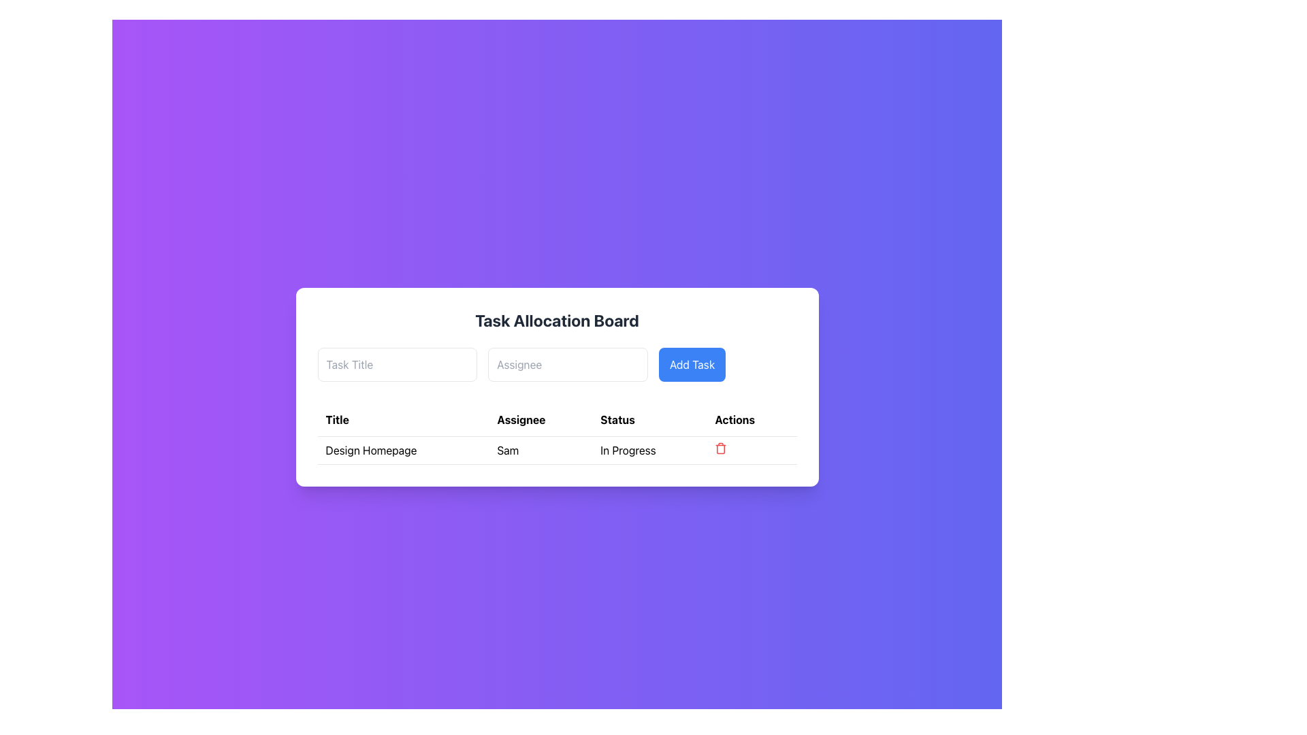  I want to click on the table header labeled 'Actions', which is positioned at the top of the last column in the task allocation table, so click(751, 419).